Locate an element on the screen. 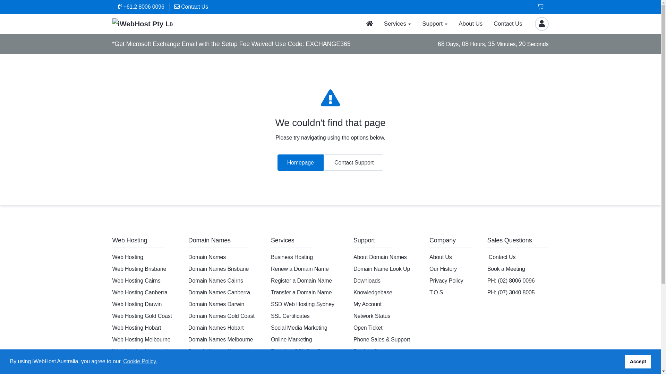 Image resolution: width=666 pixels, height=374 pixels. '+61.2 8006 0096' is located at coordinates (141, 6).